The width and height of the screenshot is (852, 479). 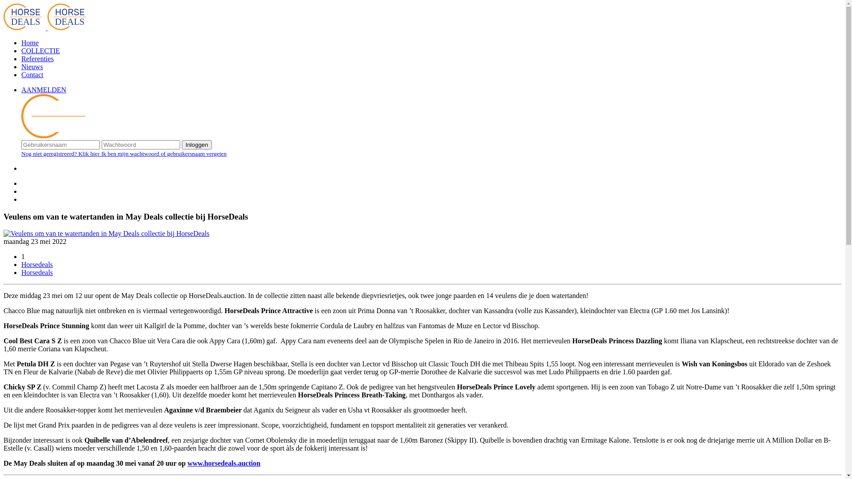 I want to click on 'Horsedeals', so click(x=36, y=264).